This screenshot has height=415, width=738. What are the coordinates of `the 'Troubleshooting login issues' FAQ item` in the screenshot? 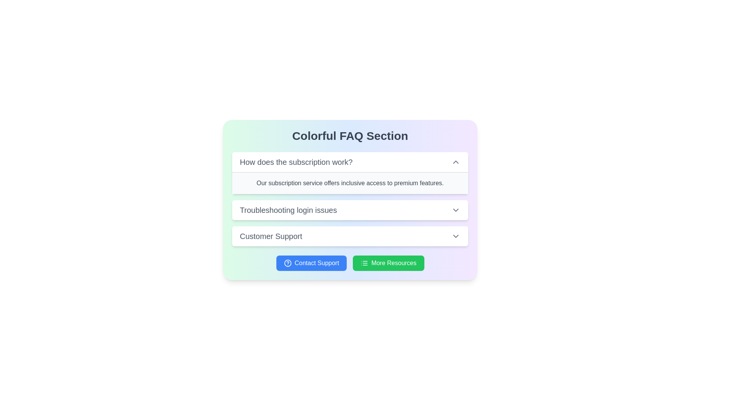 It's located at (350, 210).